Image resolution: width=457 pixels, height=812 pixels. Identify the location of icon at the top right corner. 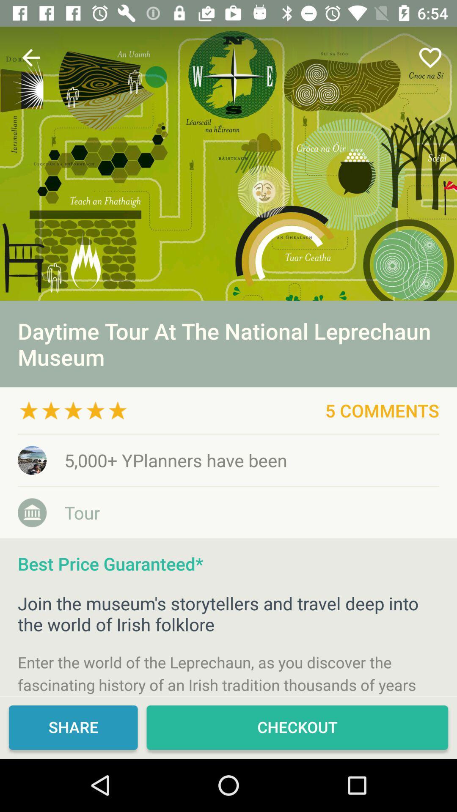
(430, 57).